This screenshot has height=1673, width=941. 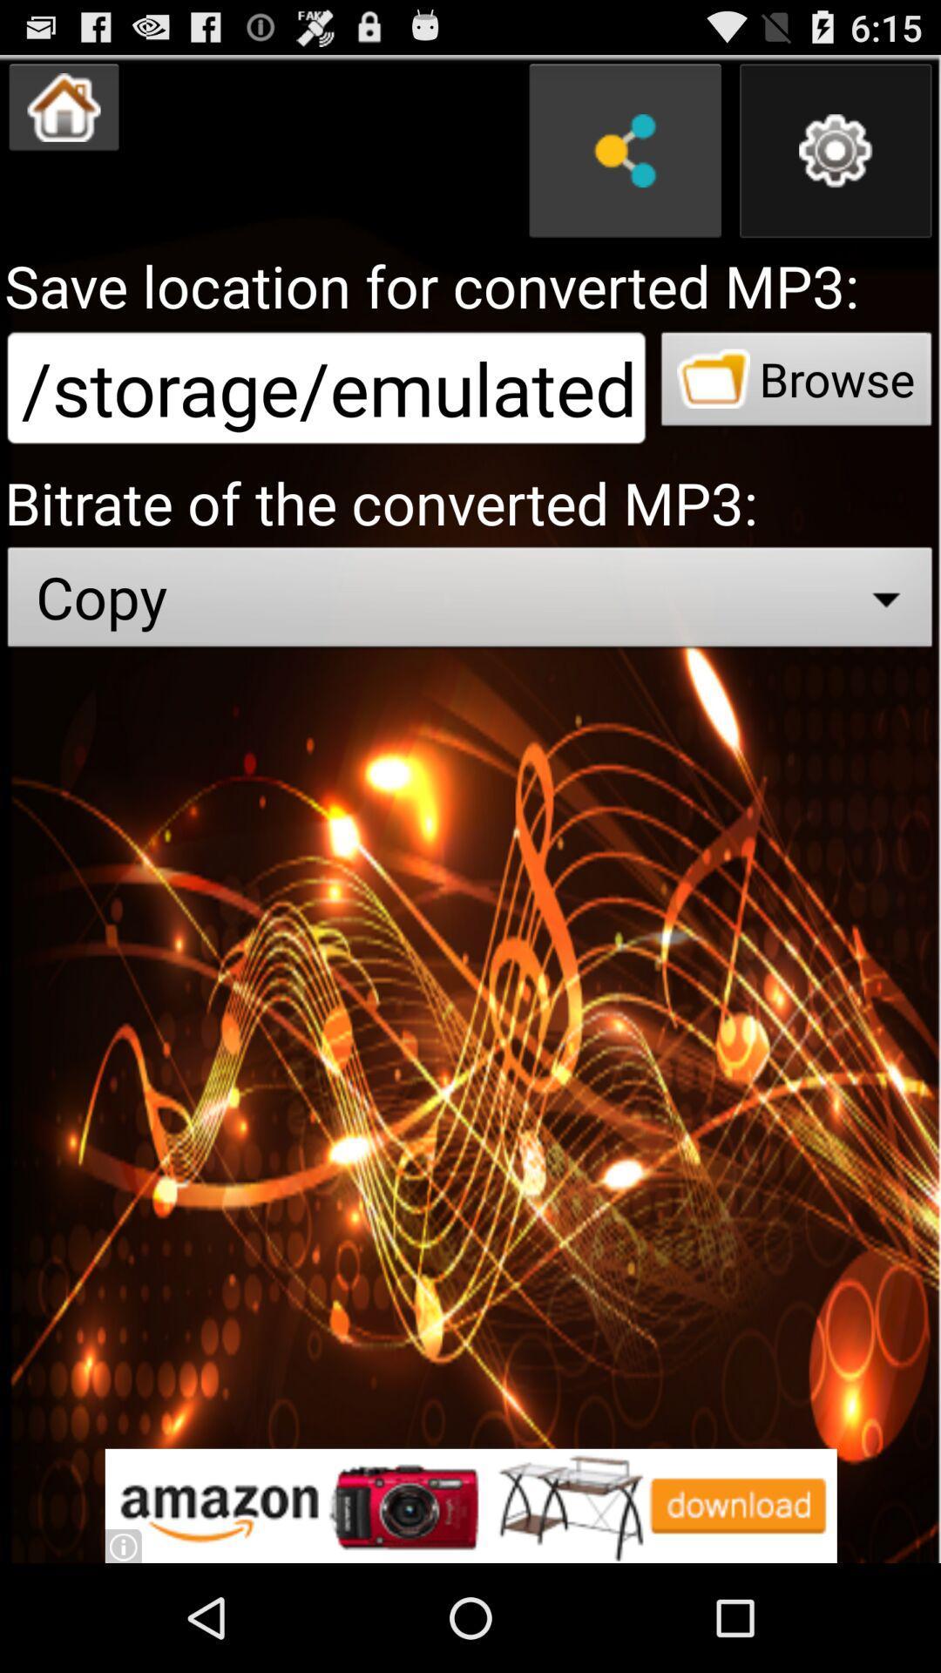 What do you see at coordinates (470, 1505) in the screenshot?
I see `for adverisment` at bounding box center [470, 1505].